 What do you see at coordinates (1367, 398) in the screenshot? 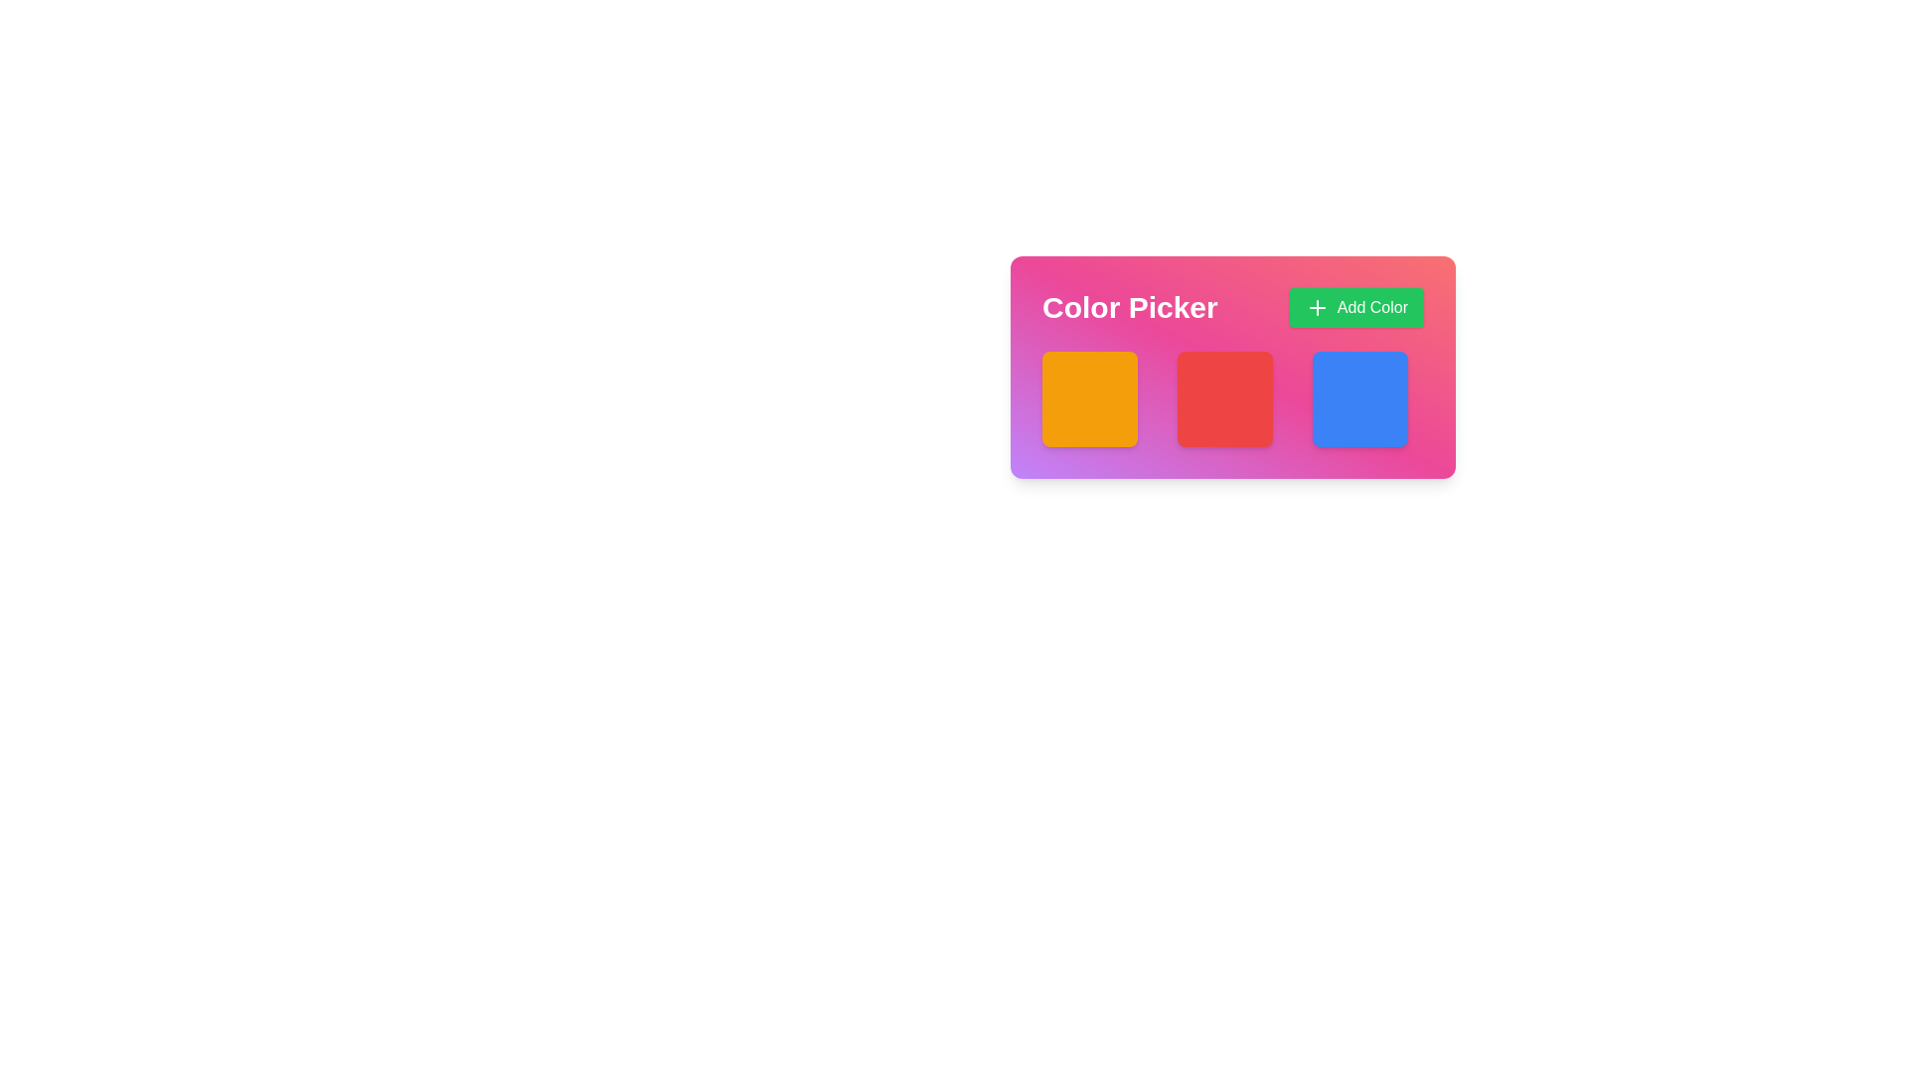
I see `the third square in the horizontal arrangement under the title 'Color Picker', which serves as a color selector in the interface` at bounding box center [1367, 398].